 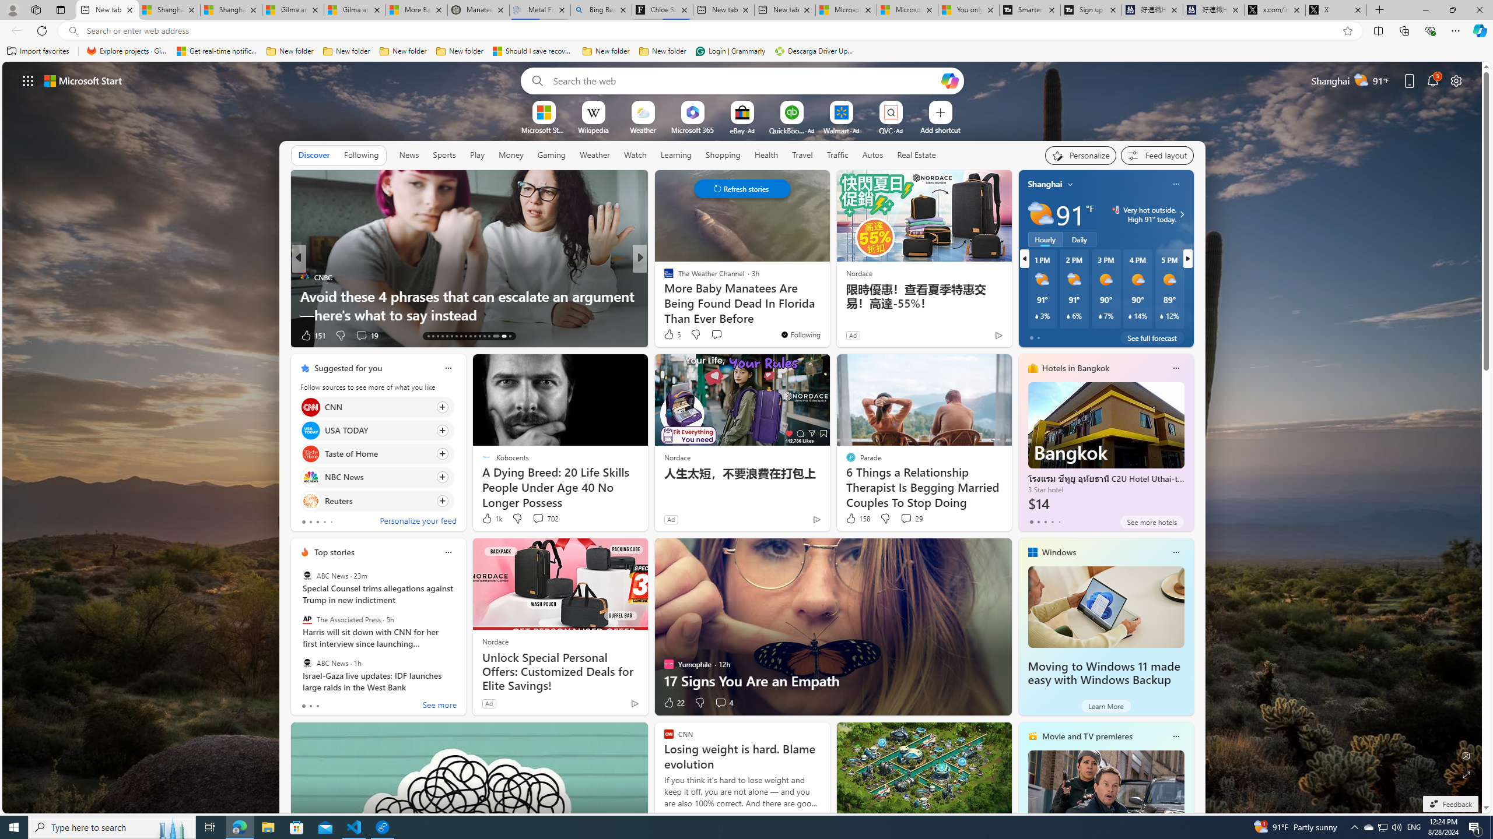 I want to click on 'View comments 29 Comment', so click(x=910, y=517).